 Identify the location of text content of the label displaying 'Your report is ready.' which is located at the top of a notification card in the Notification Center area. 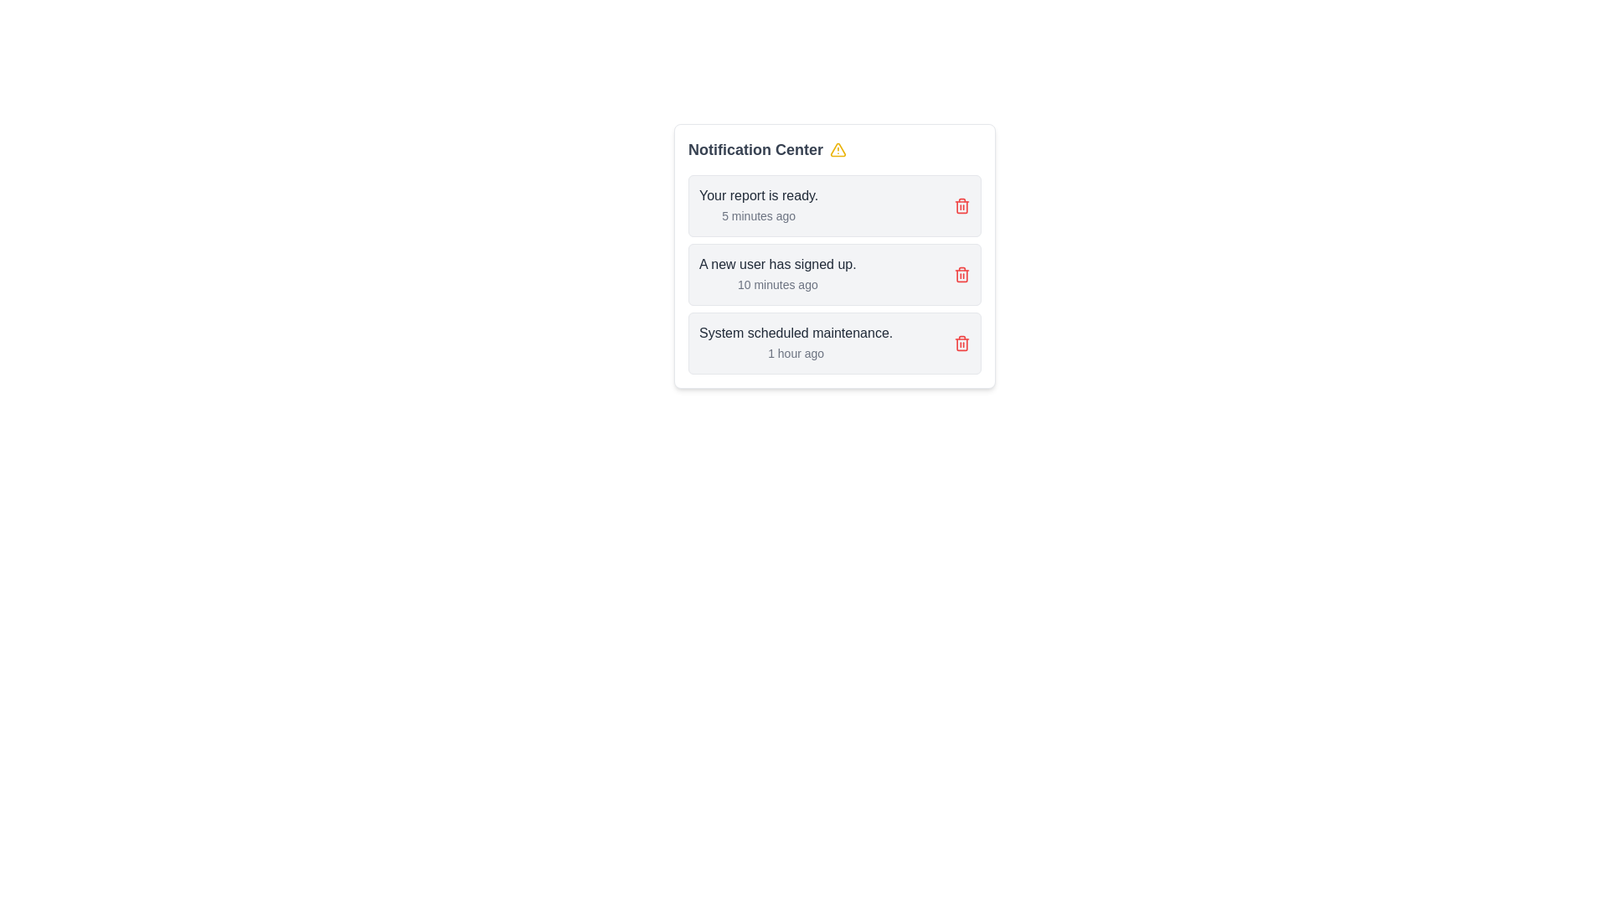
(758, 195).